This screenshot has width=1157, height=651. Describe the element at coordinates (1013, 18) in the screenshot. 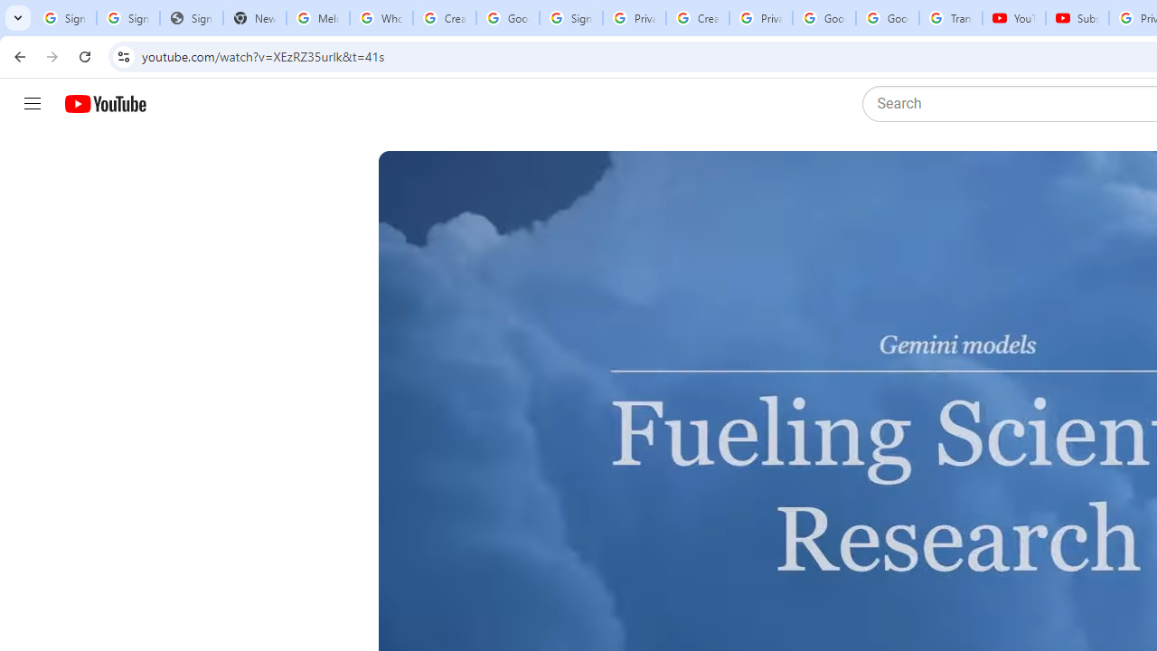

I see `'YouTube'` at that location.